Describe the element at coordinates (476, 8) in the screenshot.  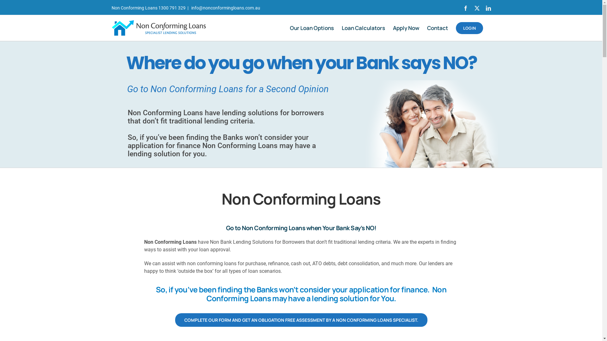
I see `'Twitter'` at that location.